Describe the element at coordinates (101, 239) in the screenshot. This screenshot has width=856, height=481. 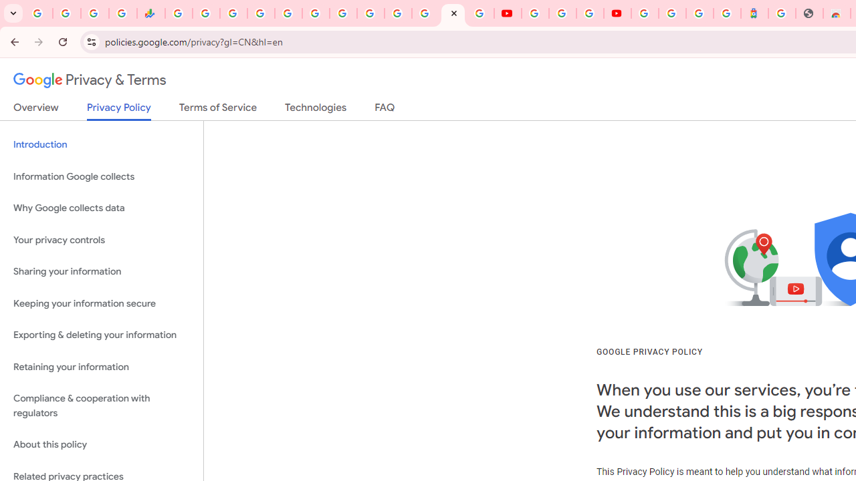
I see `'Your privacy controls'` at that location.